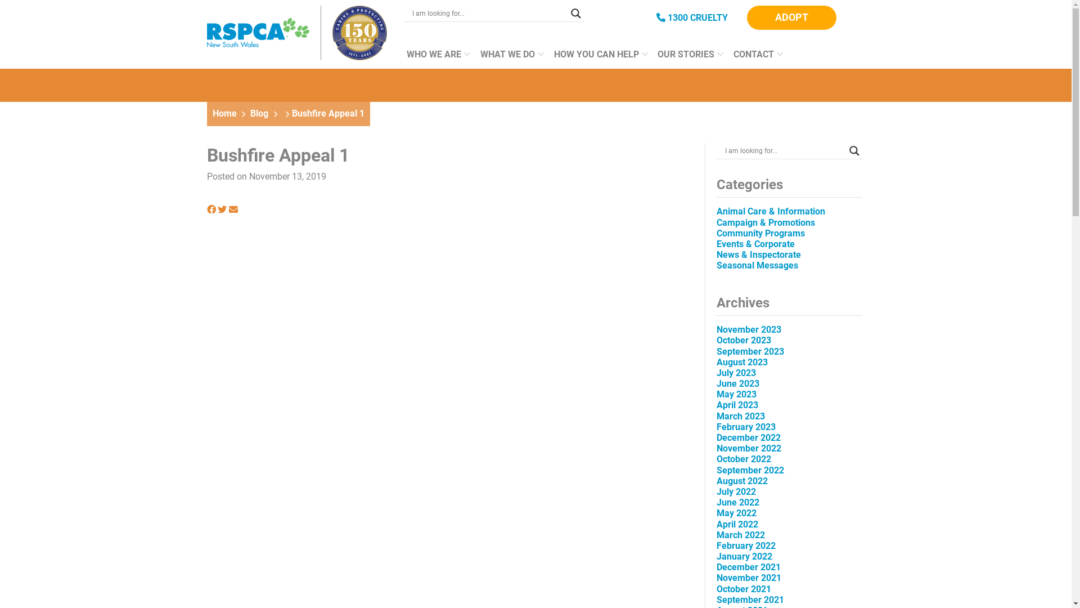  What do you see at coordinates (765, 222) in the screenshot?
I see `'Campaign & Promotions'` at bounding box center [765, 222].